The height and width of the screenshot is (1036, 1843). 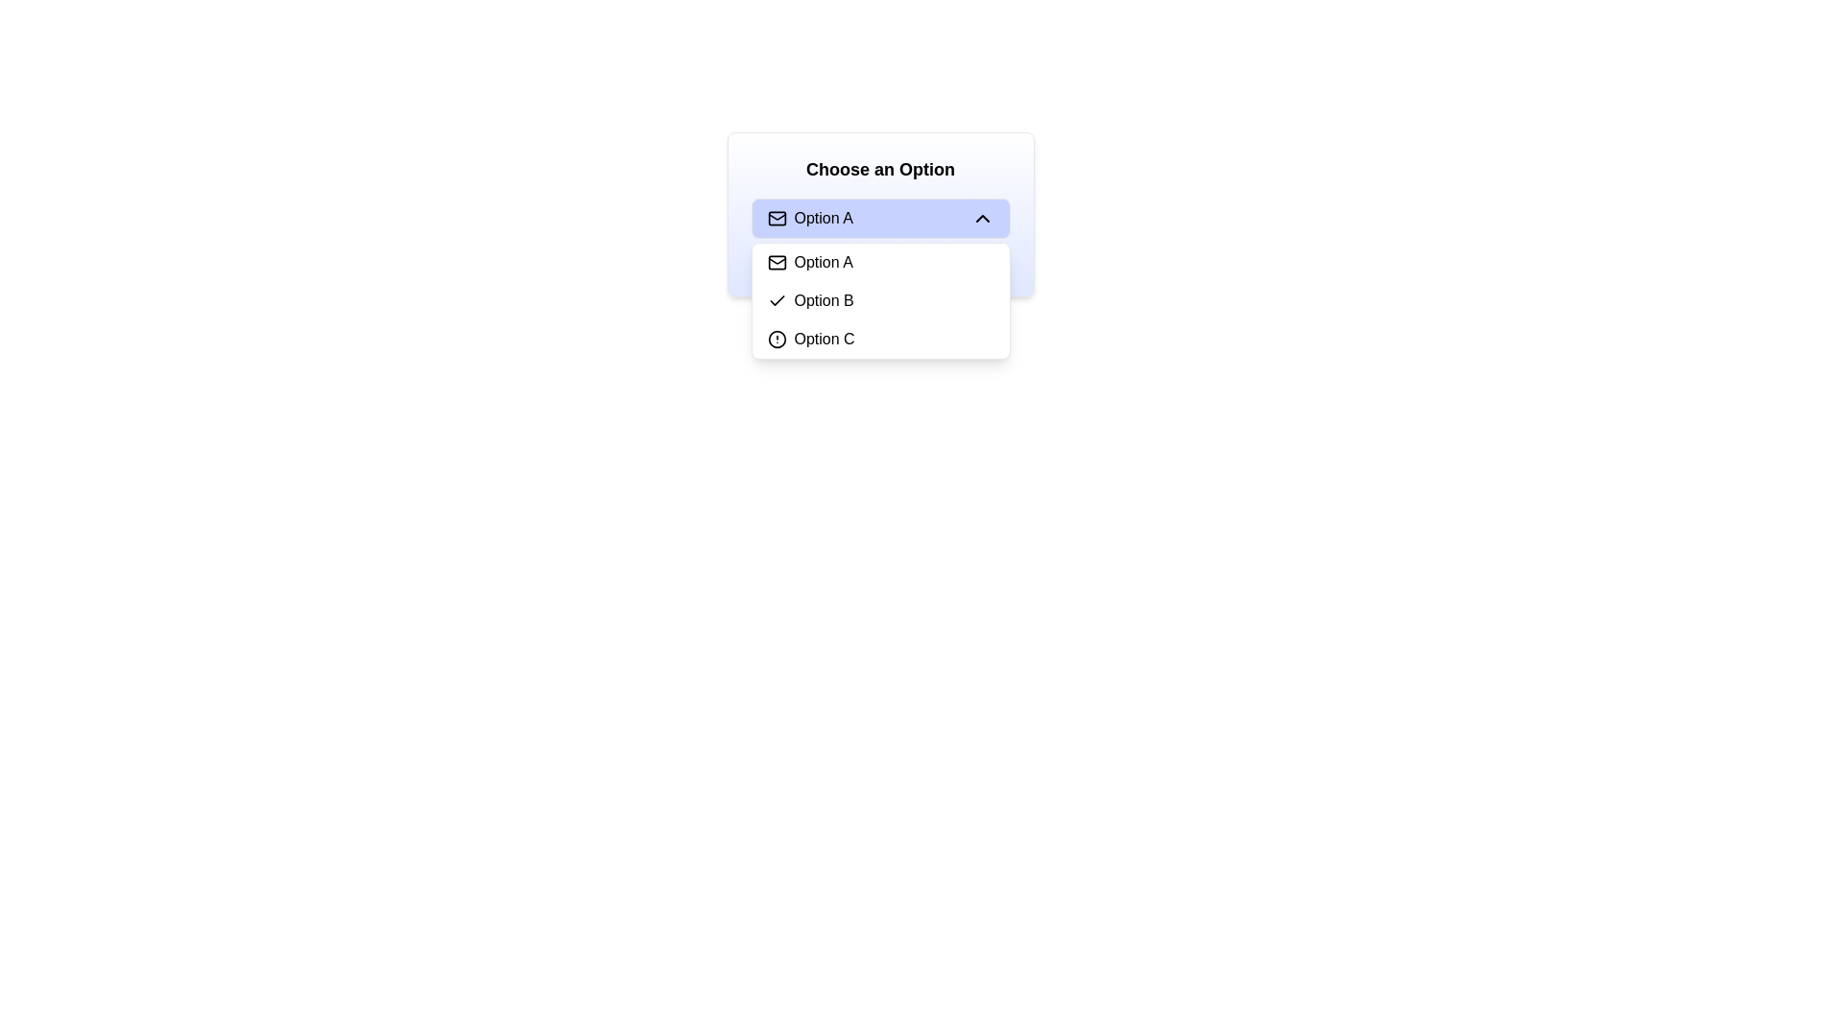 I want to click on text displayed in the label that shows 'Option A', which is positioned to the right of the envelope icon in the dropdown list under 'Choose an Option', so click(x=824, y=217).